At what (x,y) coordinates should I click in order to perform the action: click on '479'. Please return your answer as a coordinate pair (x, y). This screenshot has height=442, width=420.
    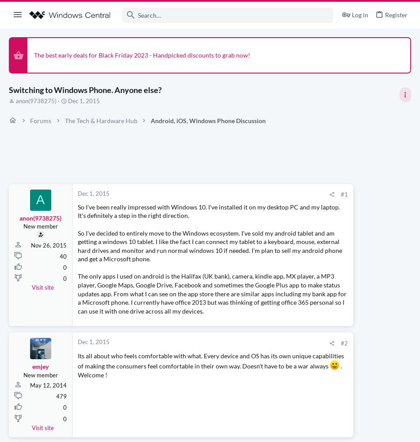
    Looking at the image, I should click on (61, 430).